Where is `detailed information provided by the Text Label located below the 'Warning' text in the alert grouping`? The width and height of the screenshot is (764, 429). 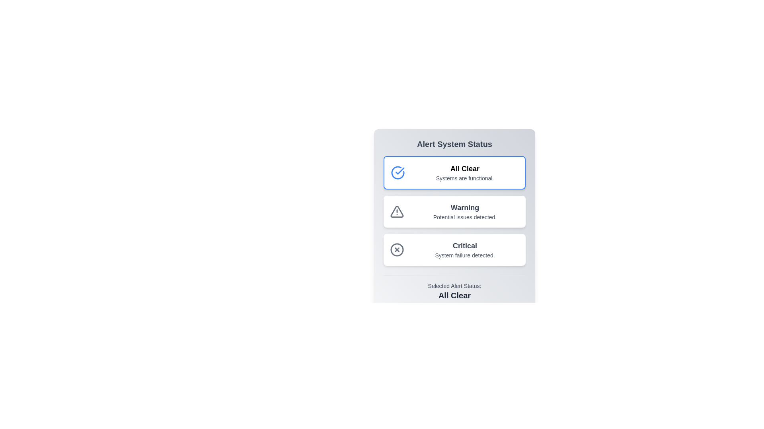 detailed information provided by the Text Label located below the 'Warning' text in the alert grouping is located at coordinates (465, 217).